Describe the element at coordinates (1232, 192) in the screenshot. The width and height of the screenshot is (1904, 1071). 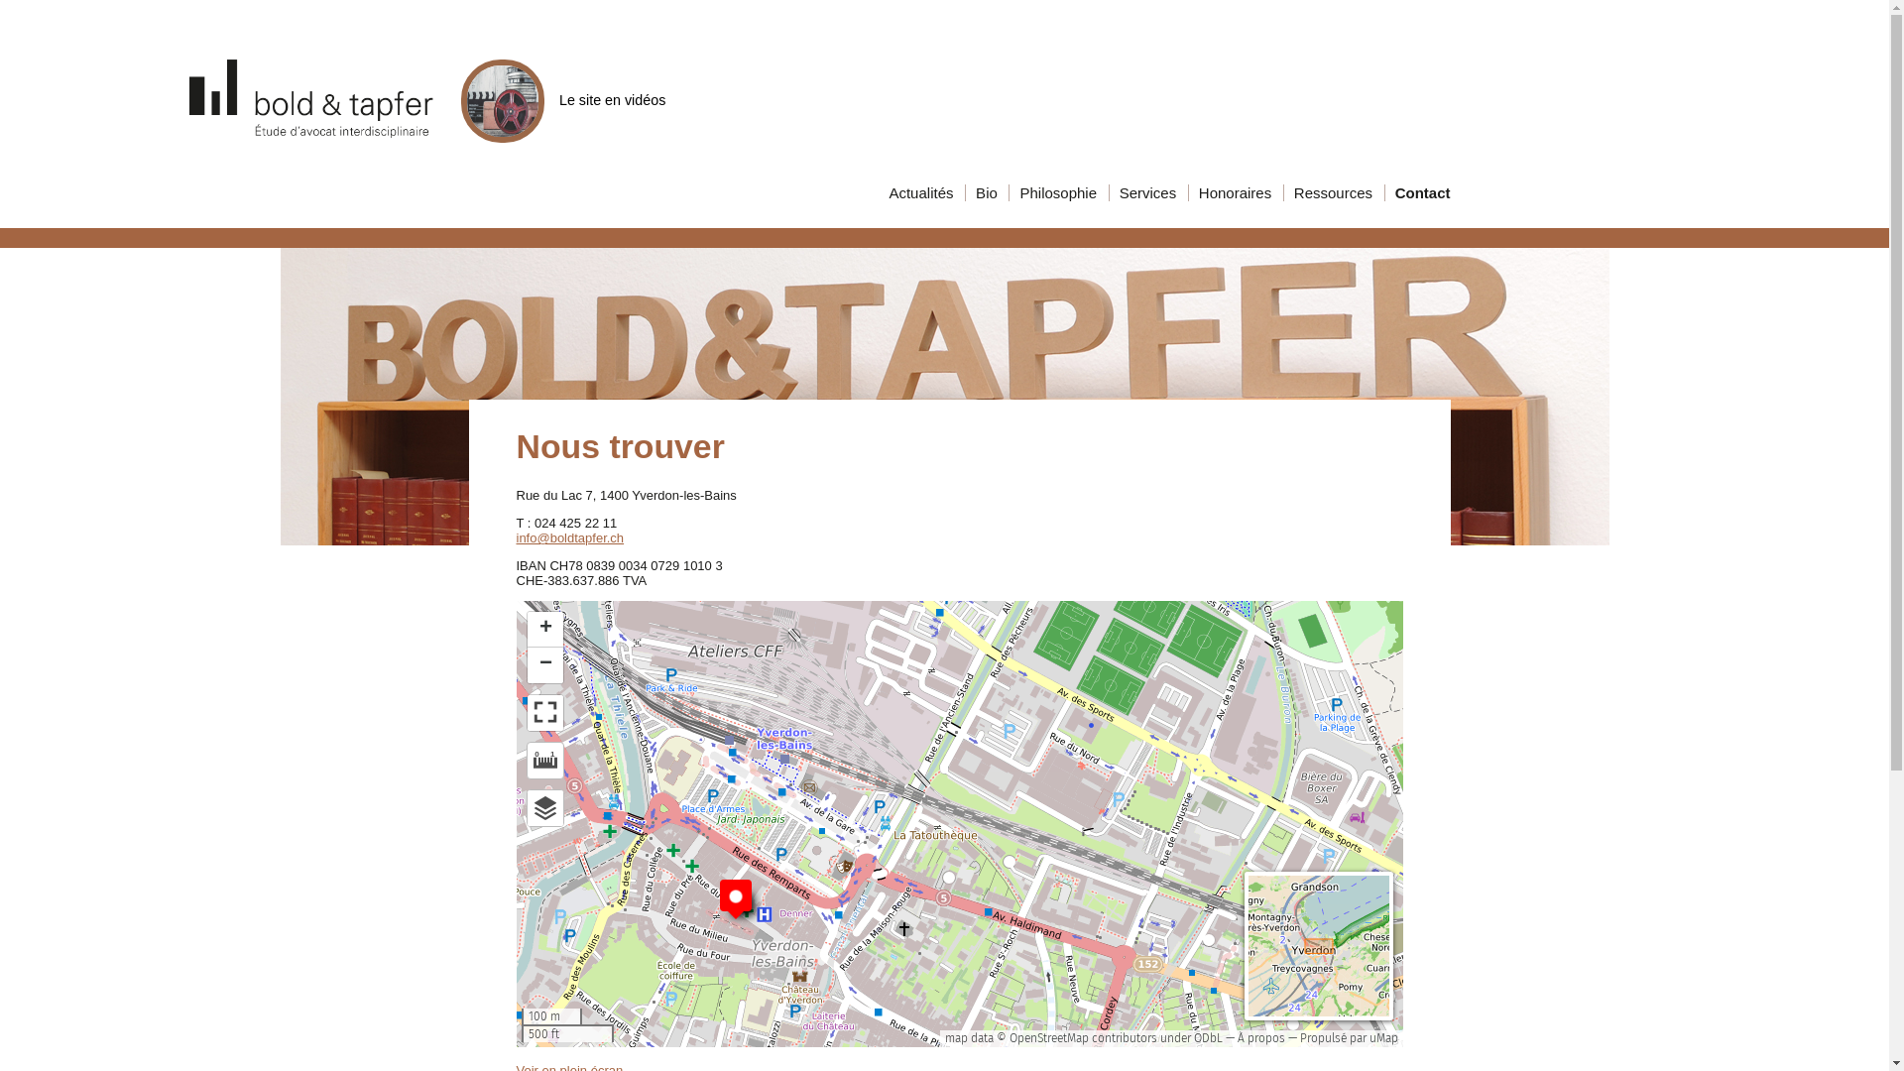
I see `'Honoraires'` at that location.